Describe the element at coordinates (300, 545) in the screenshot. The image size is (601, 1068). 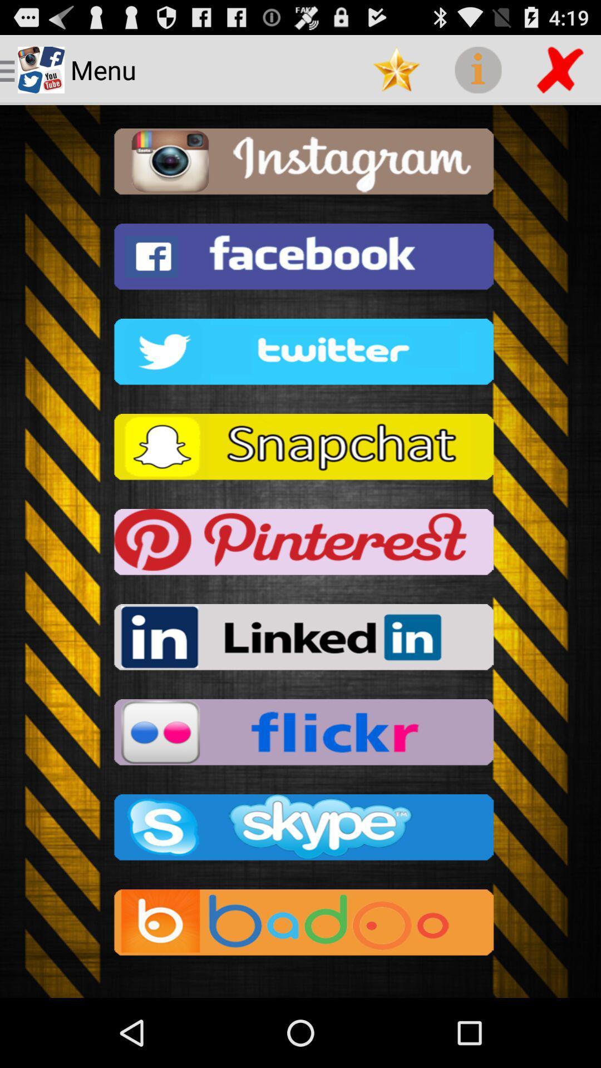
I see `open pinterest` at that location.